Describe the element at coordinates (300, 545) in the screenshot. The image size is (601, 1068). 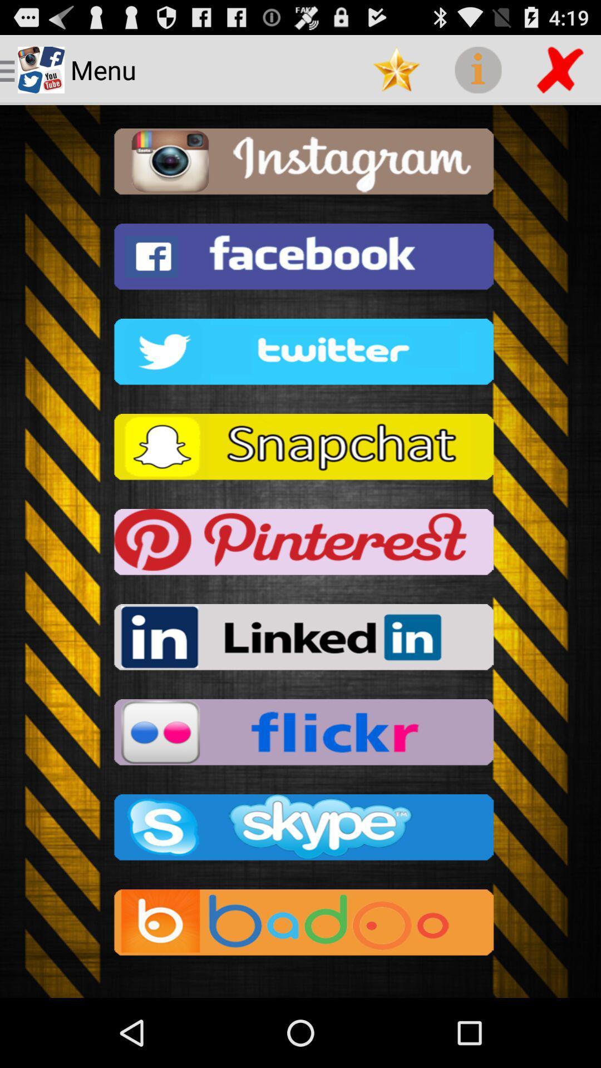
I see `open pinterest` at that location.